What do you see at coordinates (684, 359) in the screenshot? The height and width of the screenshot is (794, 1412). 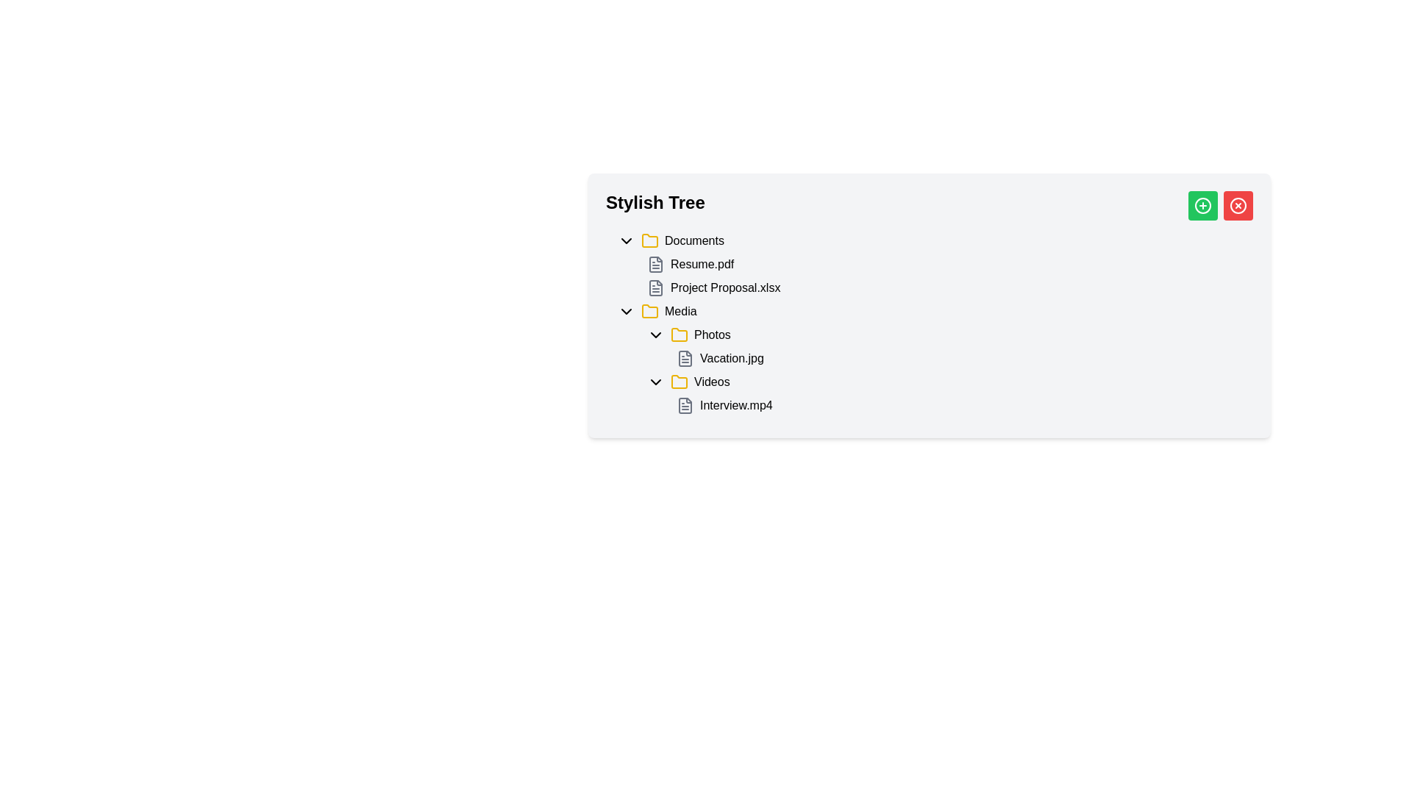 I see `the small gray document icon located to the left of the text 'Vacation.jpg' in the 'Photos' subsection under the 'Media' folder` at bounding box center [684, 359].